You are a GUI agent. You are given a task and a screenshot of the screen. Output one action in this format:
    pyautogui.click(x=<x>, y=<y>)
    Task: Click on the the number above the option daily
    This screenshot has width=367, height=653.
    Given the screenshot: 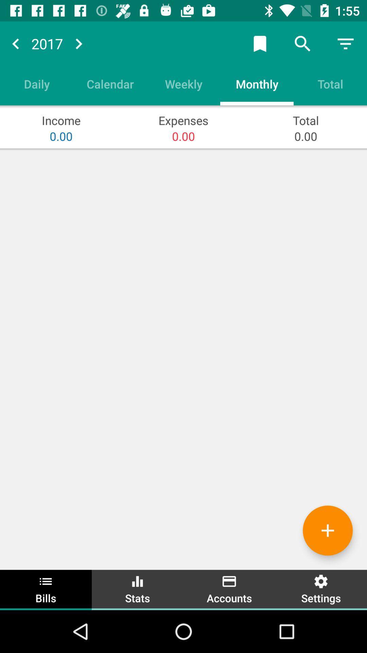 What is the action you would take?
    pyautogui.click(x=47, y=43)
    